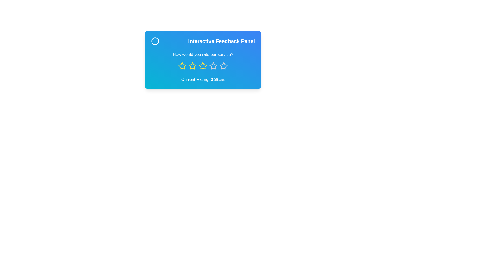 The height and width of the screenshot is (280, 499). I want to click on the first yellow outlined star icon in the rating panel, so click(182, 66).